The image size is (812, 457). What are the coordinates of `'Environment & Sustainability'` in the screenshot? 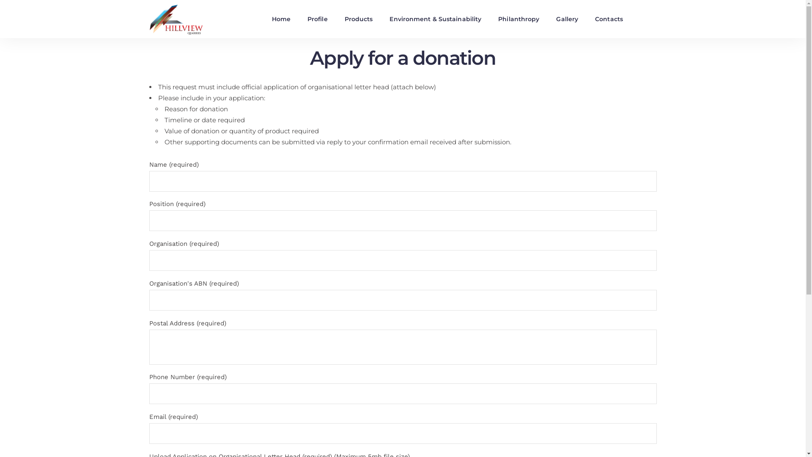 It's located at (435, 19).